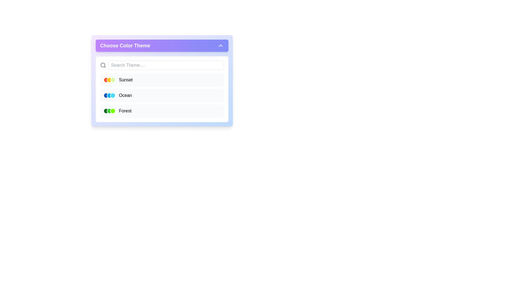 Image resolution: width=531 pixels, height=299 pixels. What do you see at coordinates (125, 95) in the screenshot?
I see `the text label 'Ocean'` at bounding box center [125, 95].